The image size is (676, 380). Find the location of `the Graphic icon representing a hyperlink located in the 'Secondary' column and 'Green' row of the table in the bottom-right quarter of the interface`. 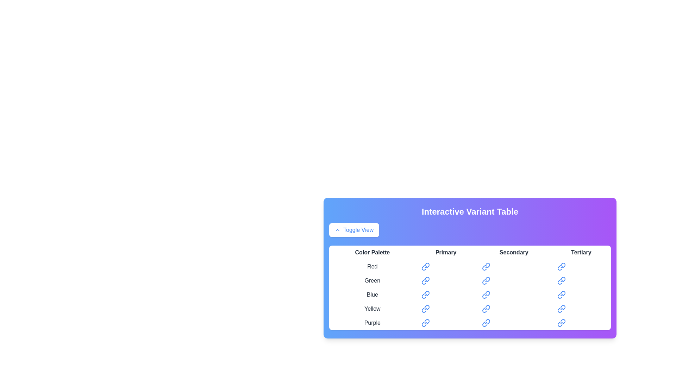

the Graphic icon representing a hyperlink located in the 'Secondary' column and 'Green' row of the table in the bottom-right quarter of the interface is located at coordinates (487, 279).